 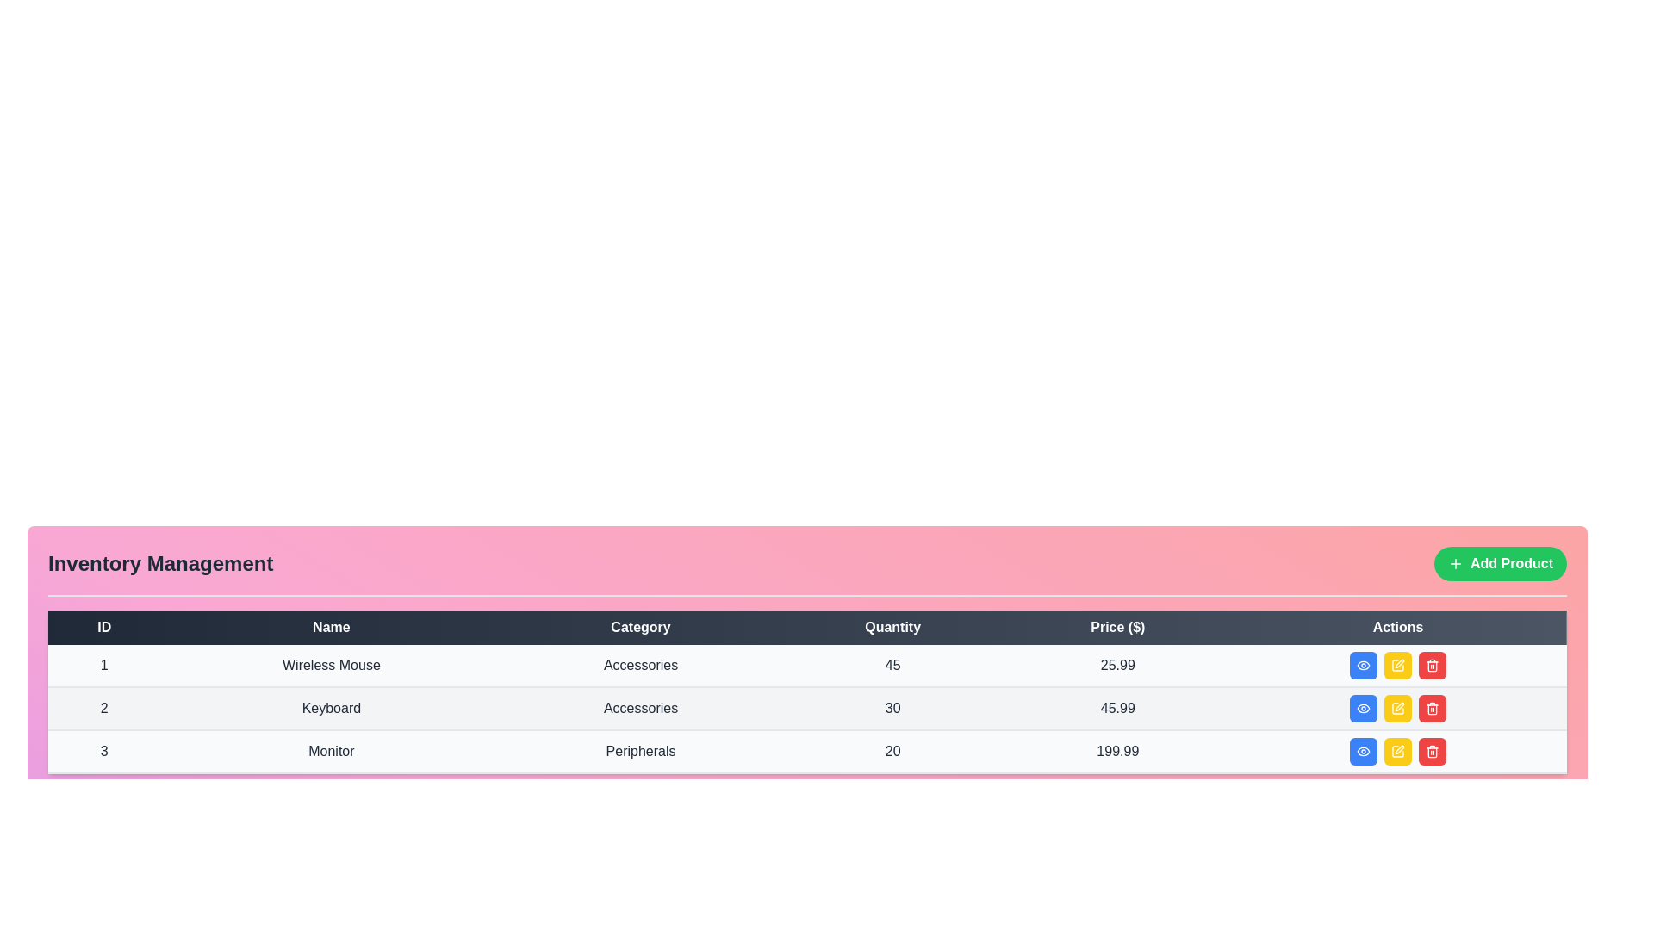 I want to click on the text '25.99' in the 'Price ($)' column of the first row for the product 'Wireless Mouse', so click(x=1117, y=665).